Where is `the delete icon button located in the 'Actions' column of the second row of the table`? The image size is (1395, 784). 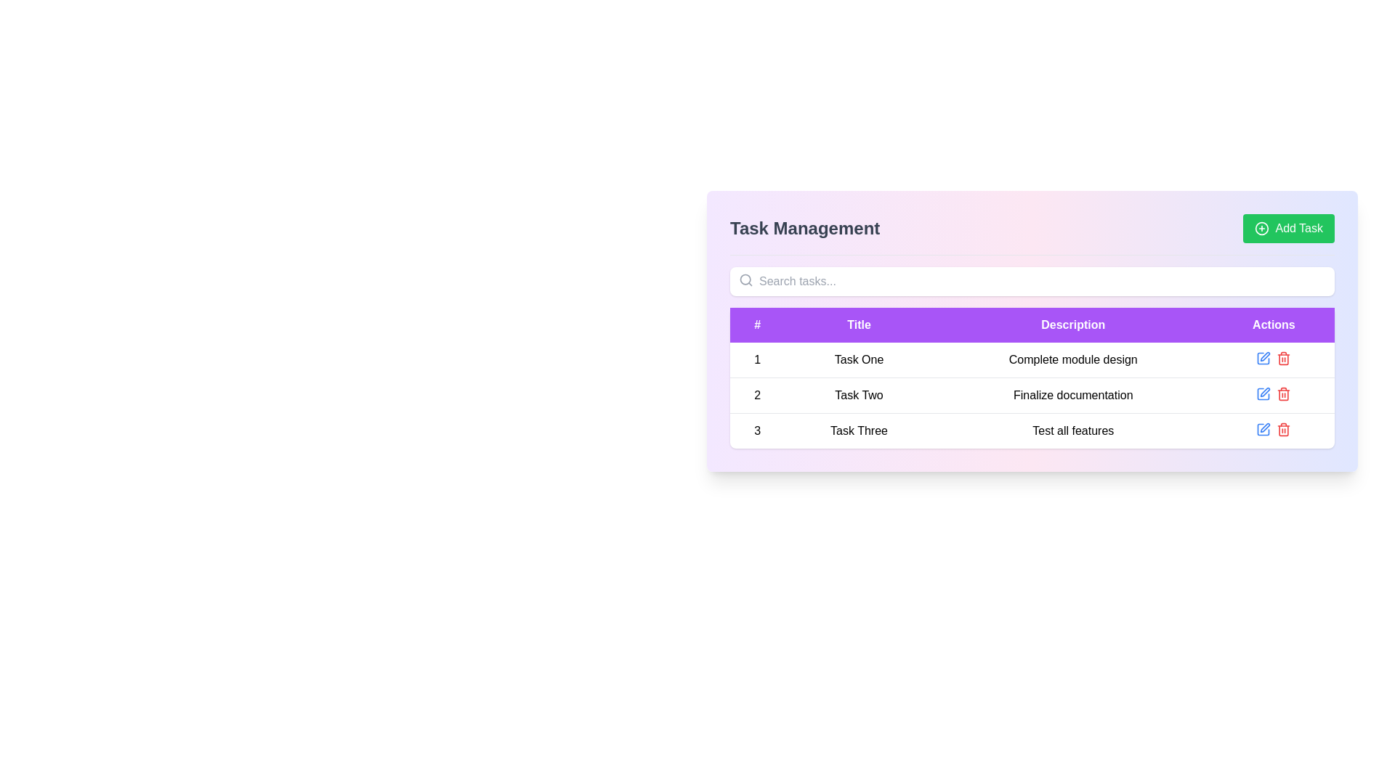
the delete icon button located in the 'Actions' column of the second row of the table is located at coordinates (1284, 394).